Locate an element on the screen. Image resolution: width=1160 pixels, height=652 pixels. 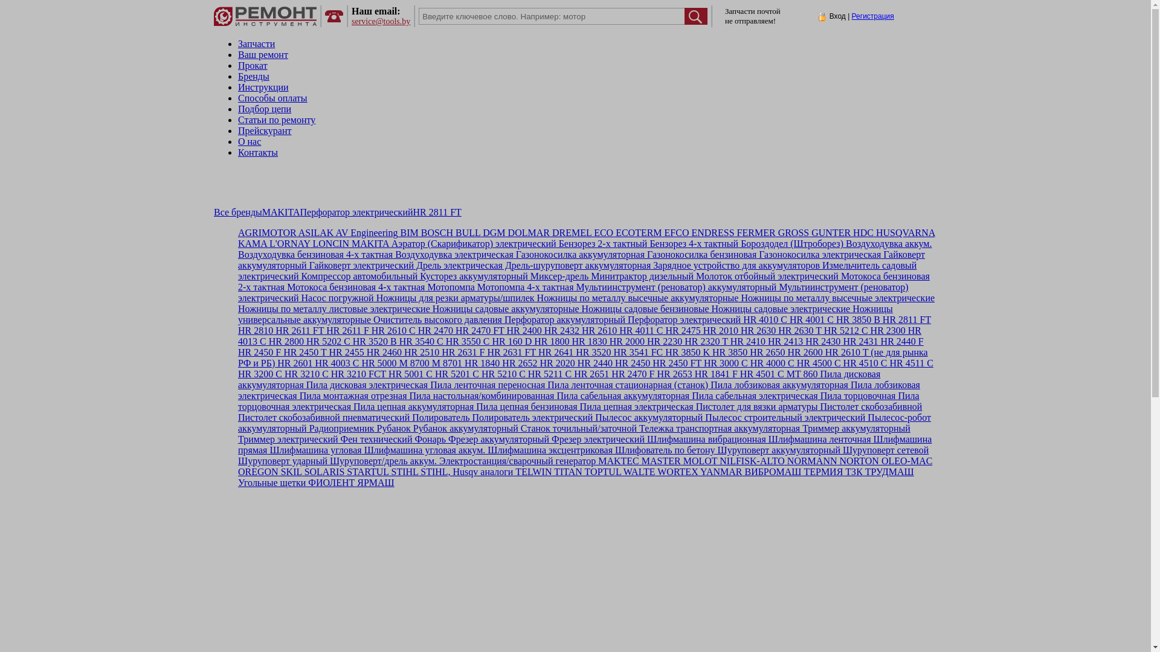
'TITAN' is located at coordinates (565, 471).